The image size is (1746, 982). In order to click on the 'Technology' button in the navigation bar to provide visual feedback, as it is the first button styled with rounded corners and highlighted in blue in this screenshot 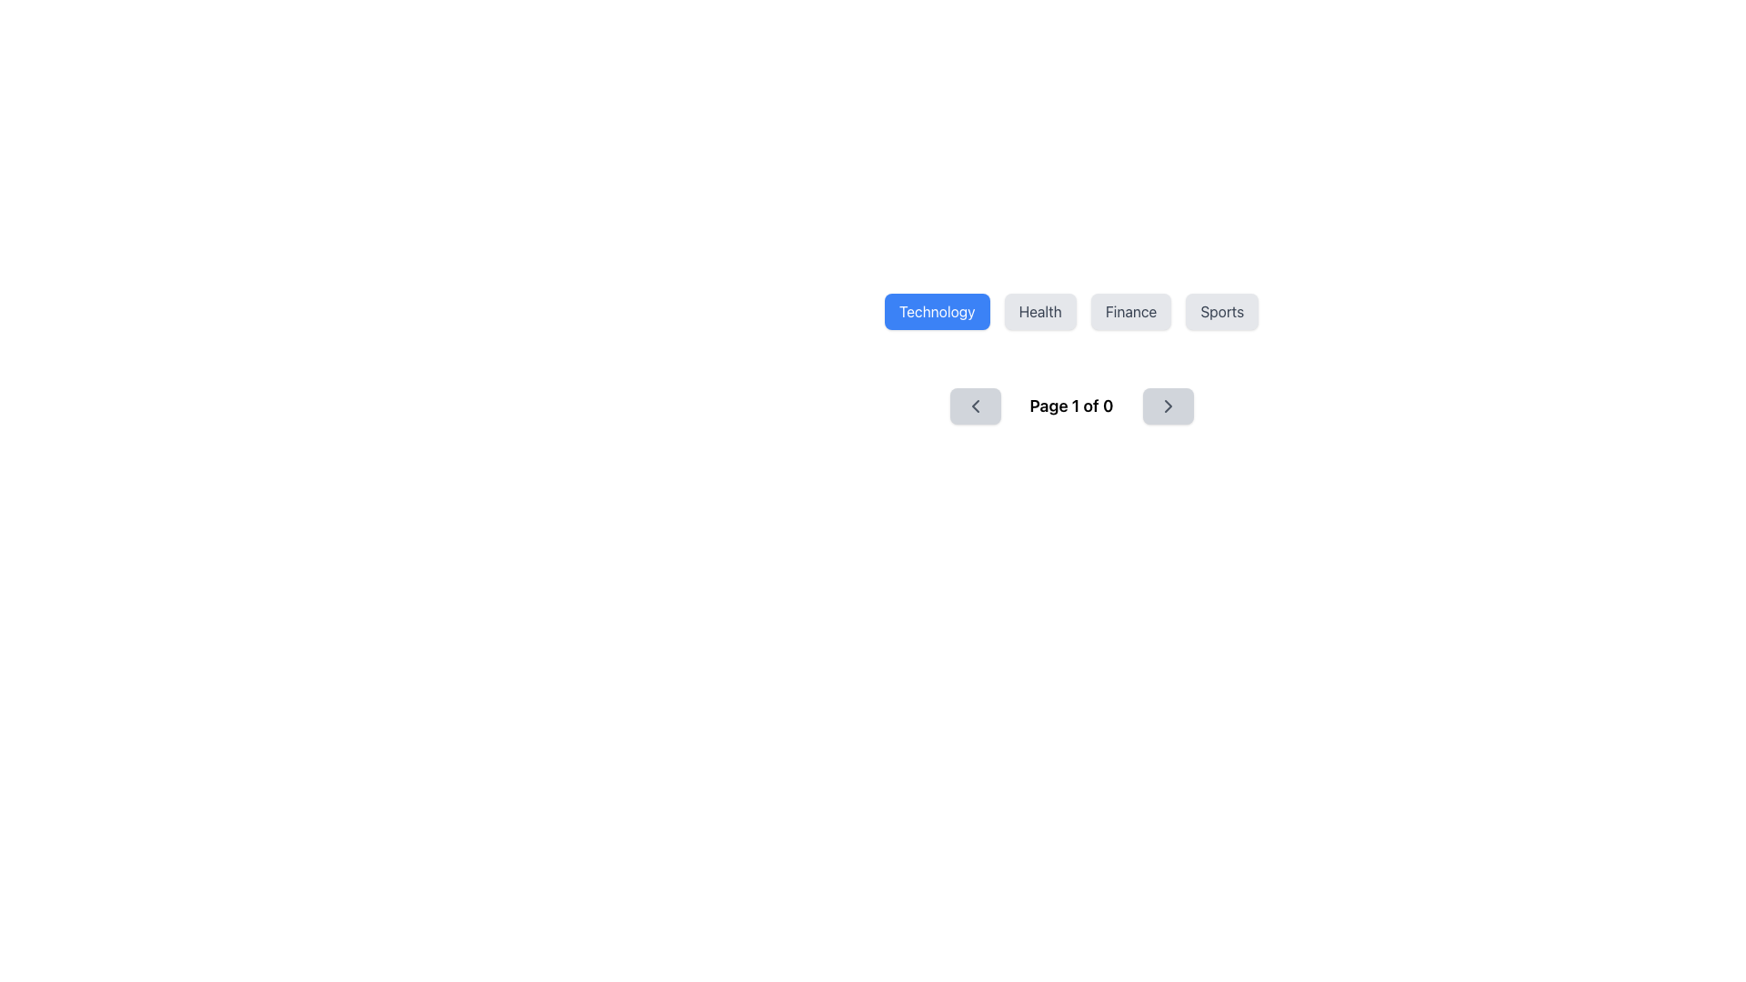, I will do `click(1071, 311)`.